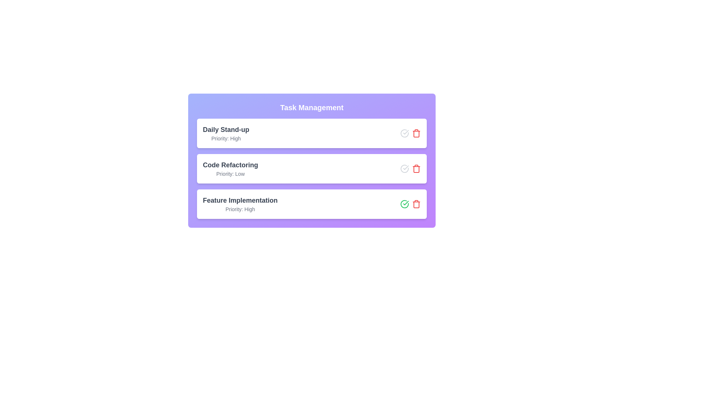 The image size is (707, 398). I want to click on the task title Code Refactoring by clicking on it, so click(230, 164).